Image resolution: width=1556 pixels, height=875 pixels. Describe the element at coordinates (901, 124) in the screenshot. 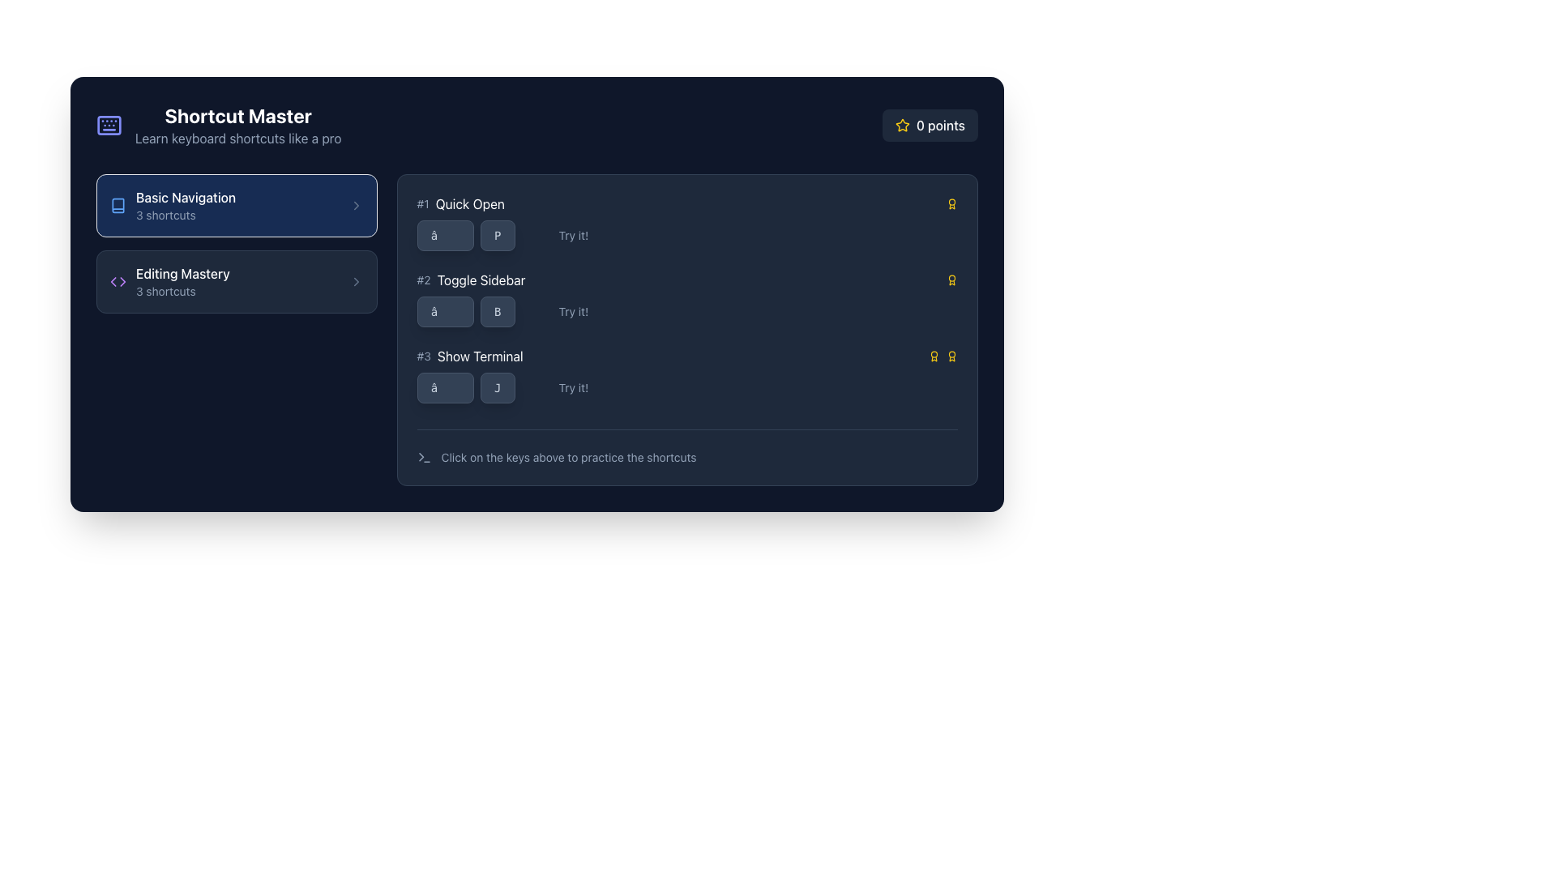

I see `the decorative icon representing points, ratings, or achievements located in the top-right section of the UI, adjacent to the '0 points' badge` at that location.